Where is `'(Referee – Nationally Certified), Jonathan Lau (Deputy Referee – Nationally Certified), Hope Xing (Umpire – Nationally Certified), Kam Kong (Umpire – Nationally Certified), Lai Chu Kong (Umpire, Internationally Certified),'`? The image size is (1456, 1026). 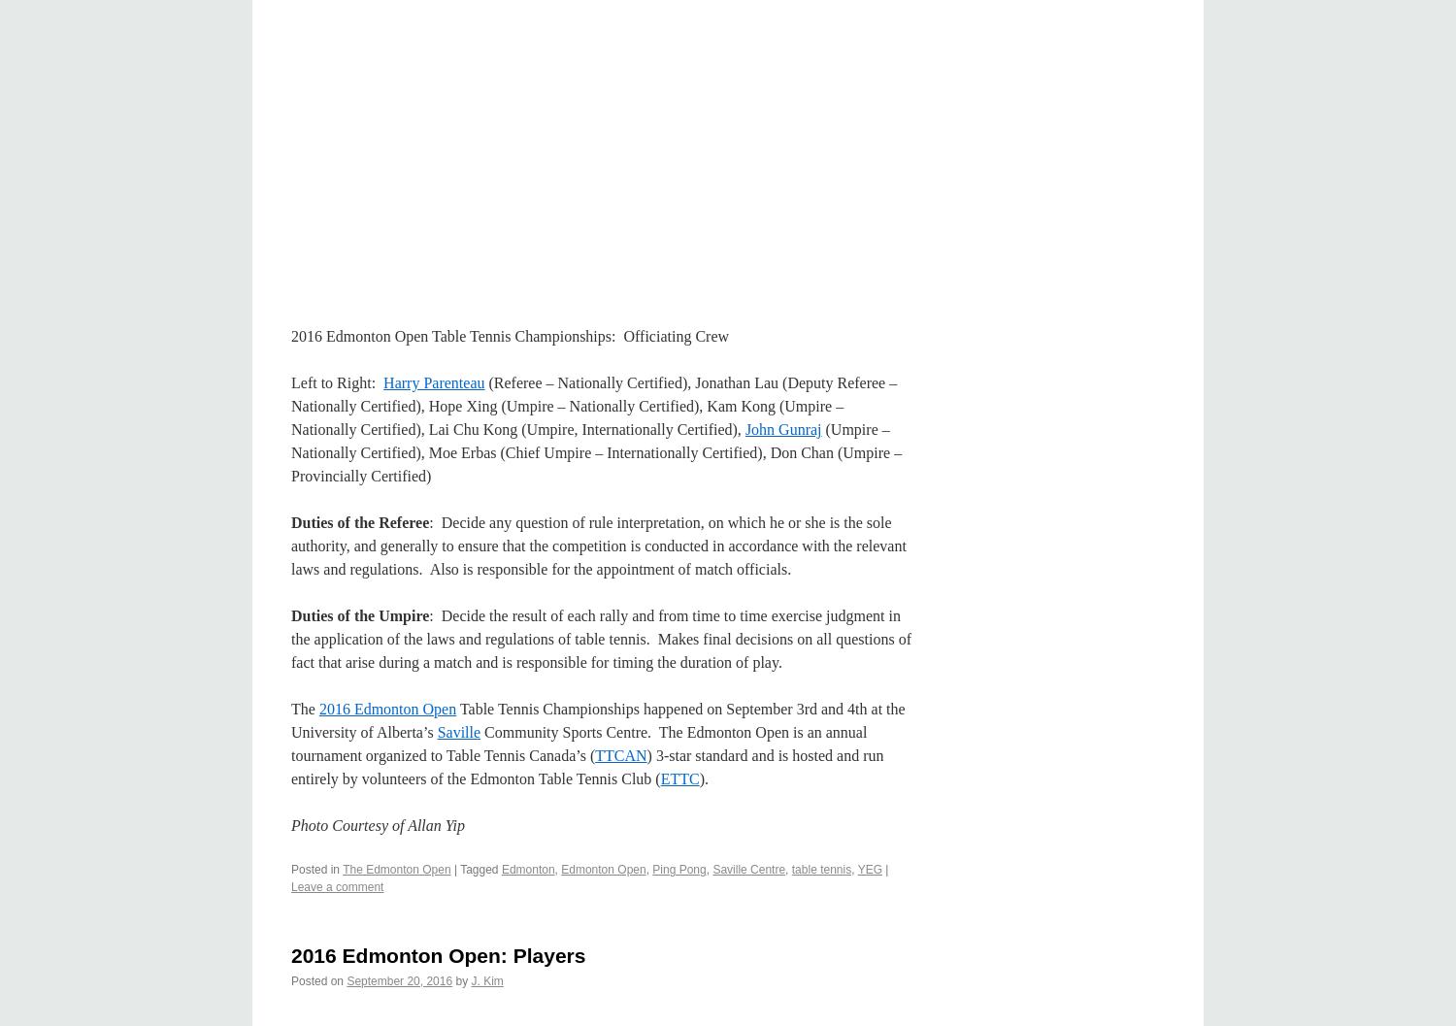 '(Referee – Nationally Certified), Jonathan Lau (Deputy Referee – Nationally Certified), Hope Xing (Umpire – Nationally Certified), Kam Kong (Umpire – Nationally Certified), Lai Chu Kong (Umpire, Internationally Certified),' is located at coordinates (593, 405).